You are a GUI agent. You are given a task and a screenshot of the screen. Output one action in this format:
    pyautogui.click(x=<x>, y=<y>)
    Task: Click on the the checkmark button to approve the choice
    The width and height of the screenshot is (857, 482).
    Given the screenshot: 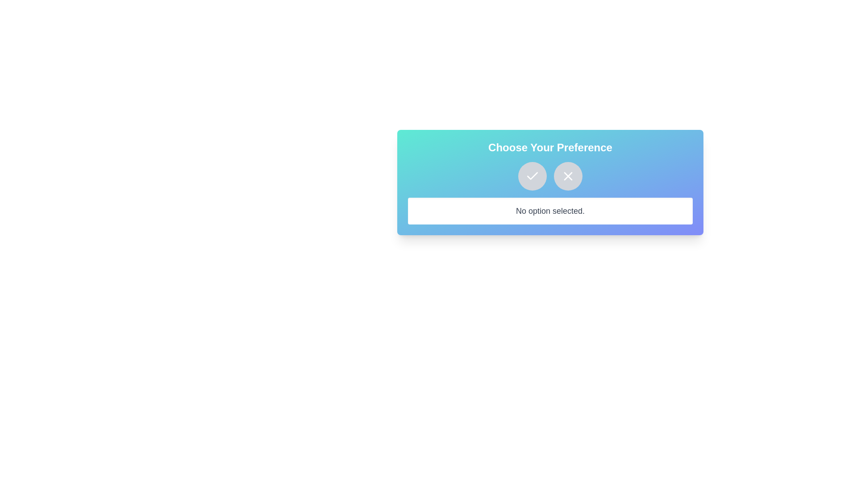 What is the action you would take?
    pyautogui.click(x=533, y=176)
    